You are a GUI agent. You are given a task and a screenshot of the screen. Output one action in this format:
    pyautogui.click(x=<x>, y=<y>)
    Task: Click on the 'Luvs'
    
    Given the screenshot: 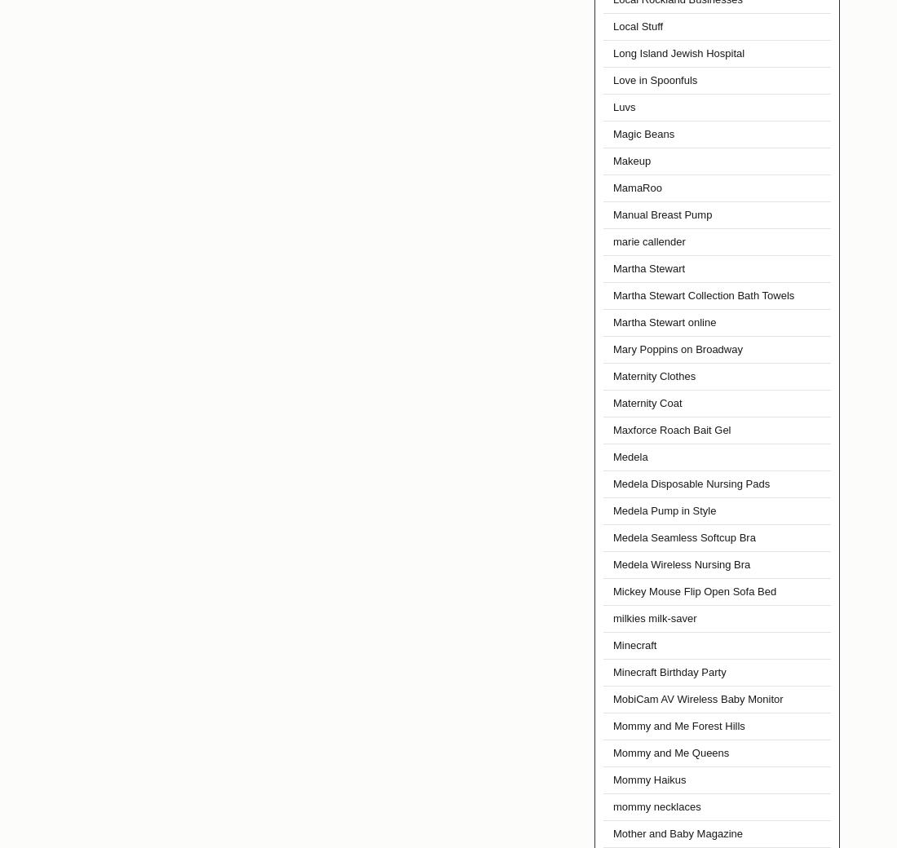 What is the action you would take?
    pyautogui.click(x=624, y=107)
    